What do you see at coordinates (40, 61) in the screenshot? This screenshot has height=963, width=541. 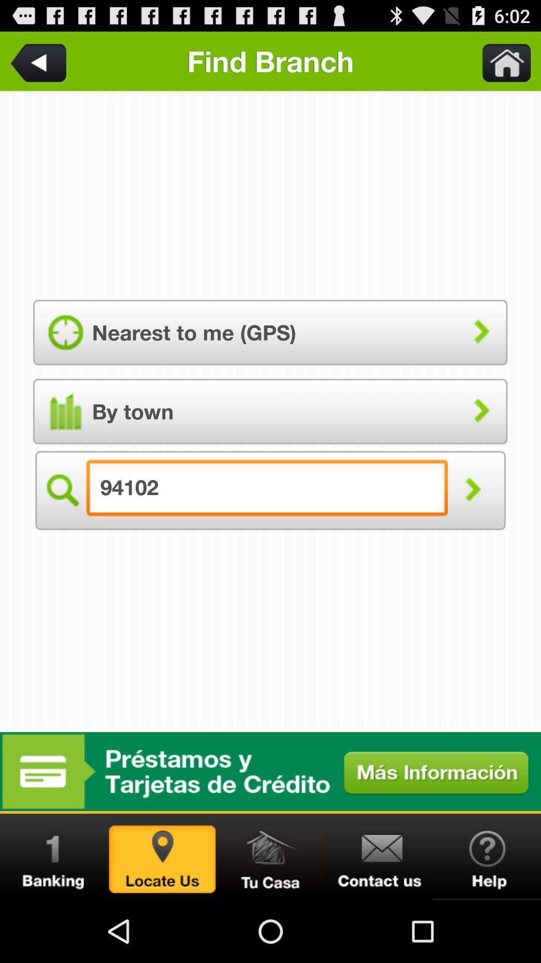 I see `area code` at bounding box center [40, 61].